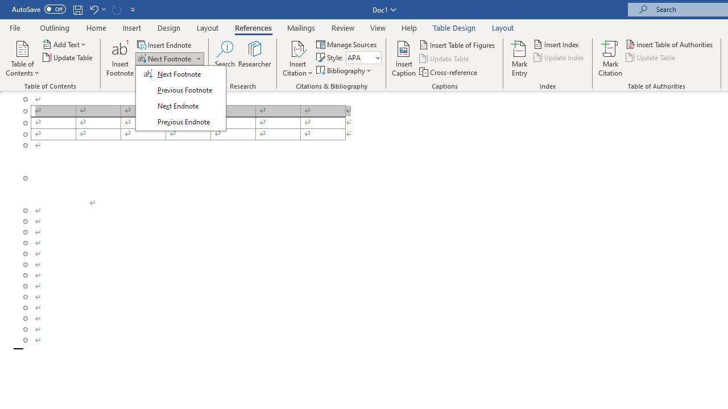  Describe the element at coordinates (347, 44) in the screenshot. I see `'Manage Sources...'` at that location.